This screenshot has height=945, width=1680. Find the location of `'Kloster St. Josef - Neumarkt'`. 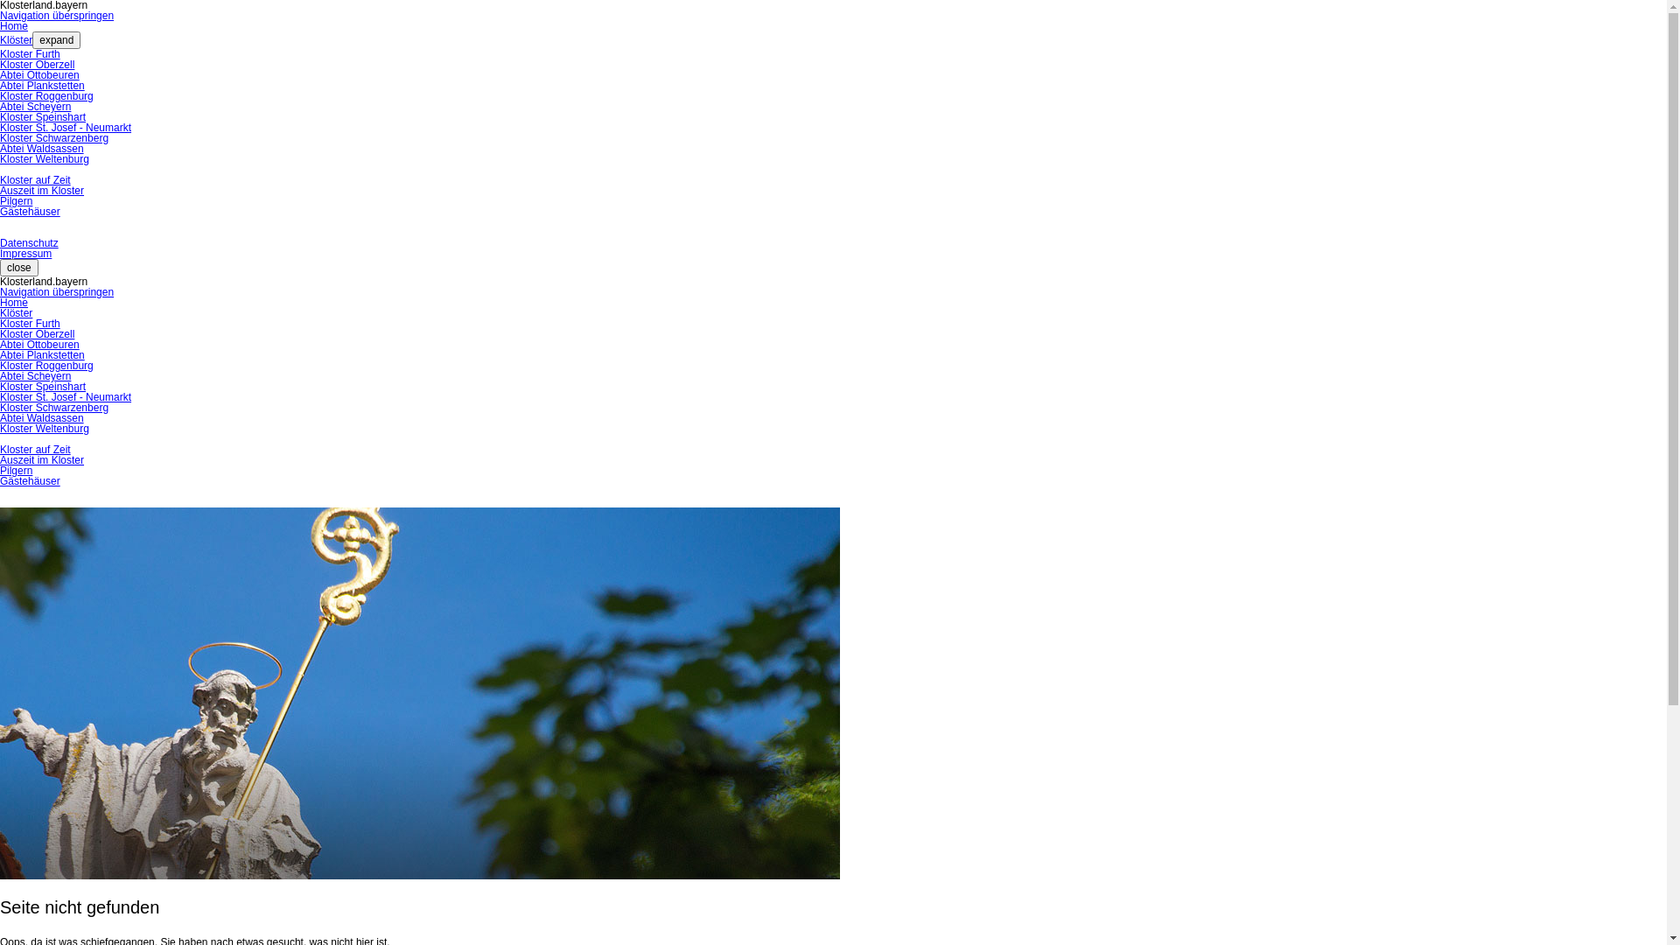

'Kloster St. Josef - Neumarkt' is located at coordinates (66, 127).